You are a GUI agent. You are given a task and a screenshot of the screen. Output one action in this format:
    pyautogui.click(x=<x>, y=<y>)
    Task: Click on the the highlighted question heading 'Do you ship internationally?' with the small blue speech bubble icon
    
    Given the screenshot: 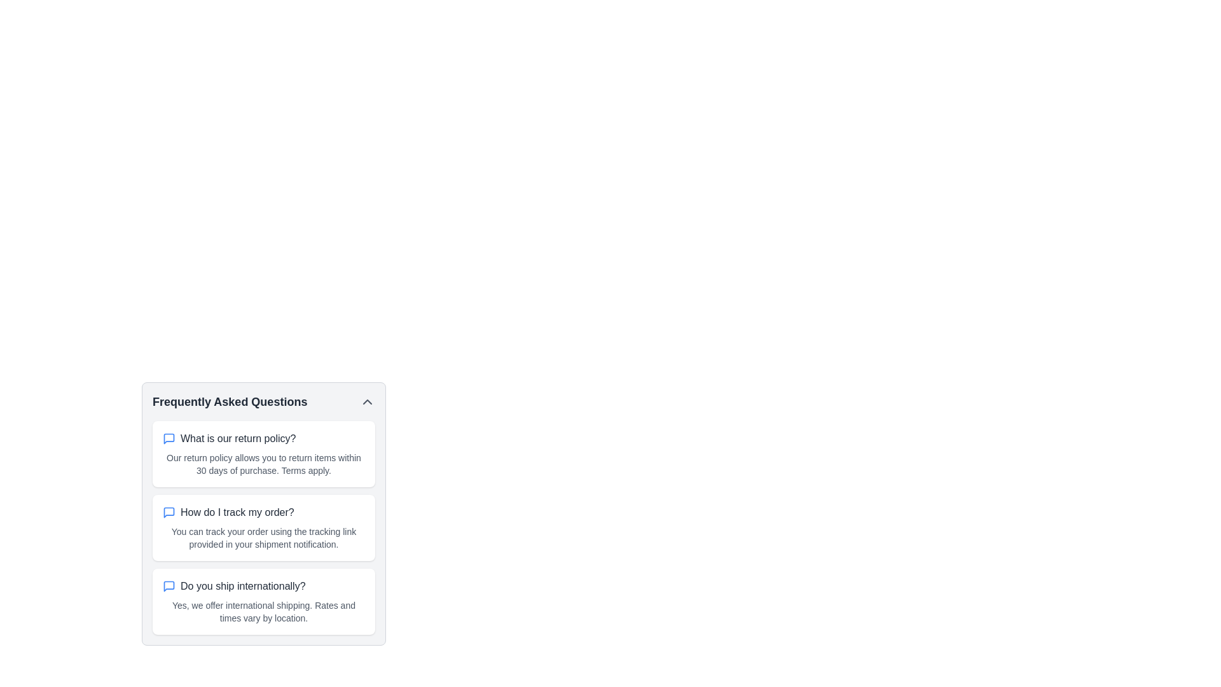 What is the action you would take?
    pyautogui.click(x=263, y=586)
    